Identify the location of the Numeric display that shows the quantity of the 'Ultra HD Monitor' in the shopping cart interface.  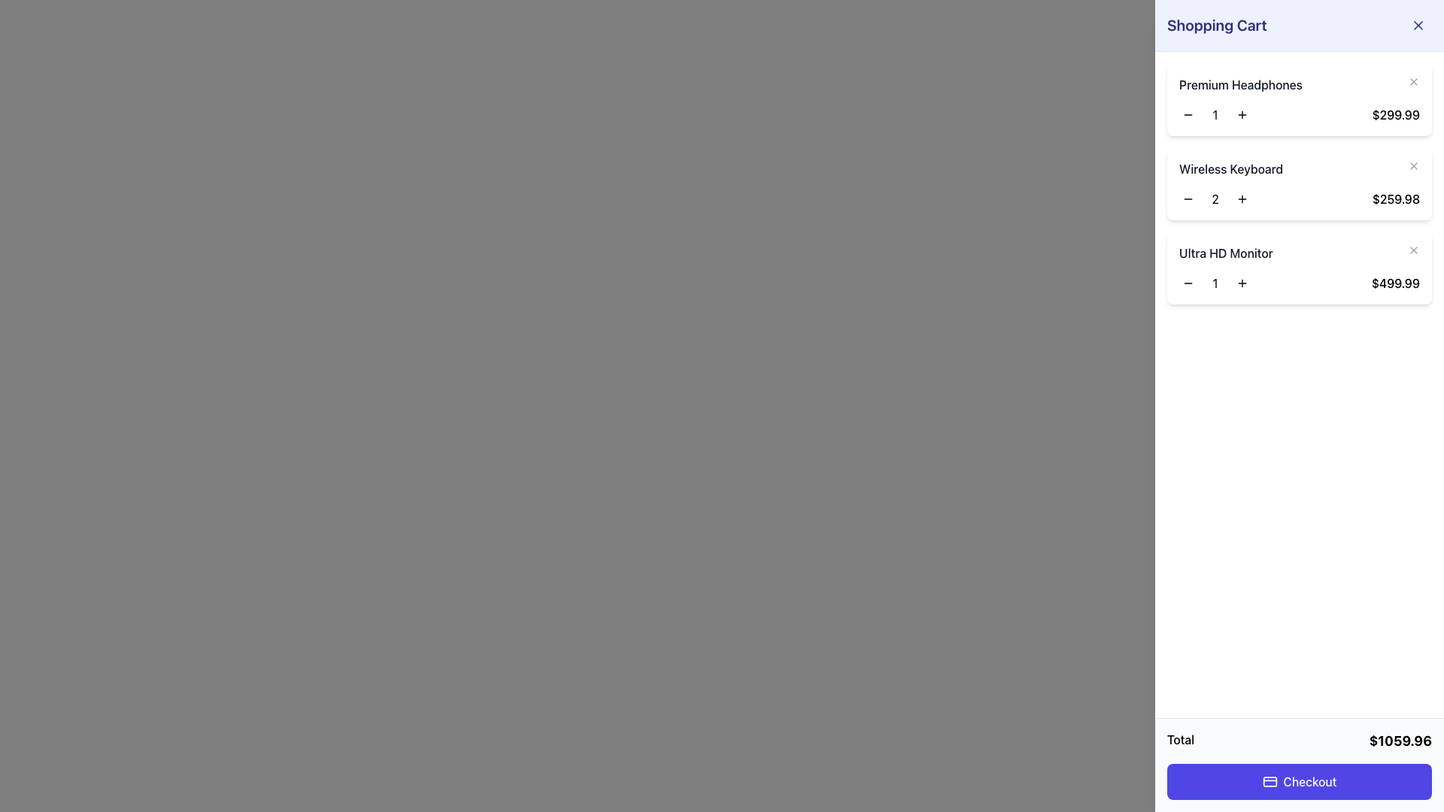
(1215, 283).